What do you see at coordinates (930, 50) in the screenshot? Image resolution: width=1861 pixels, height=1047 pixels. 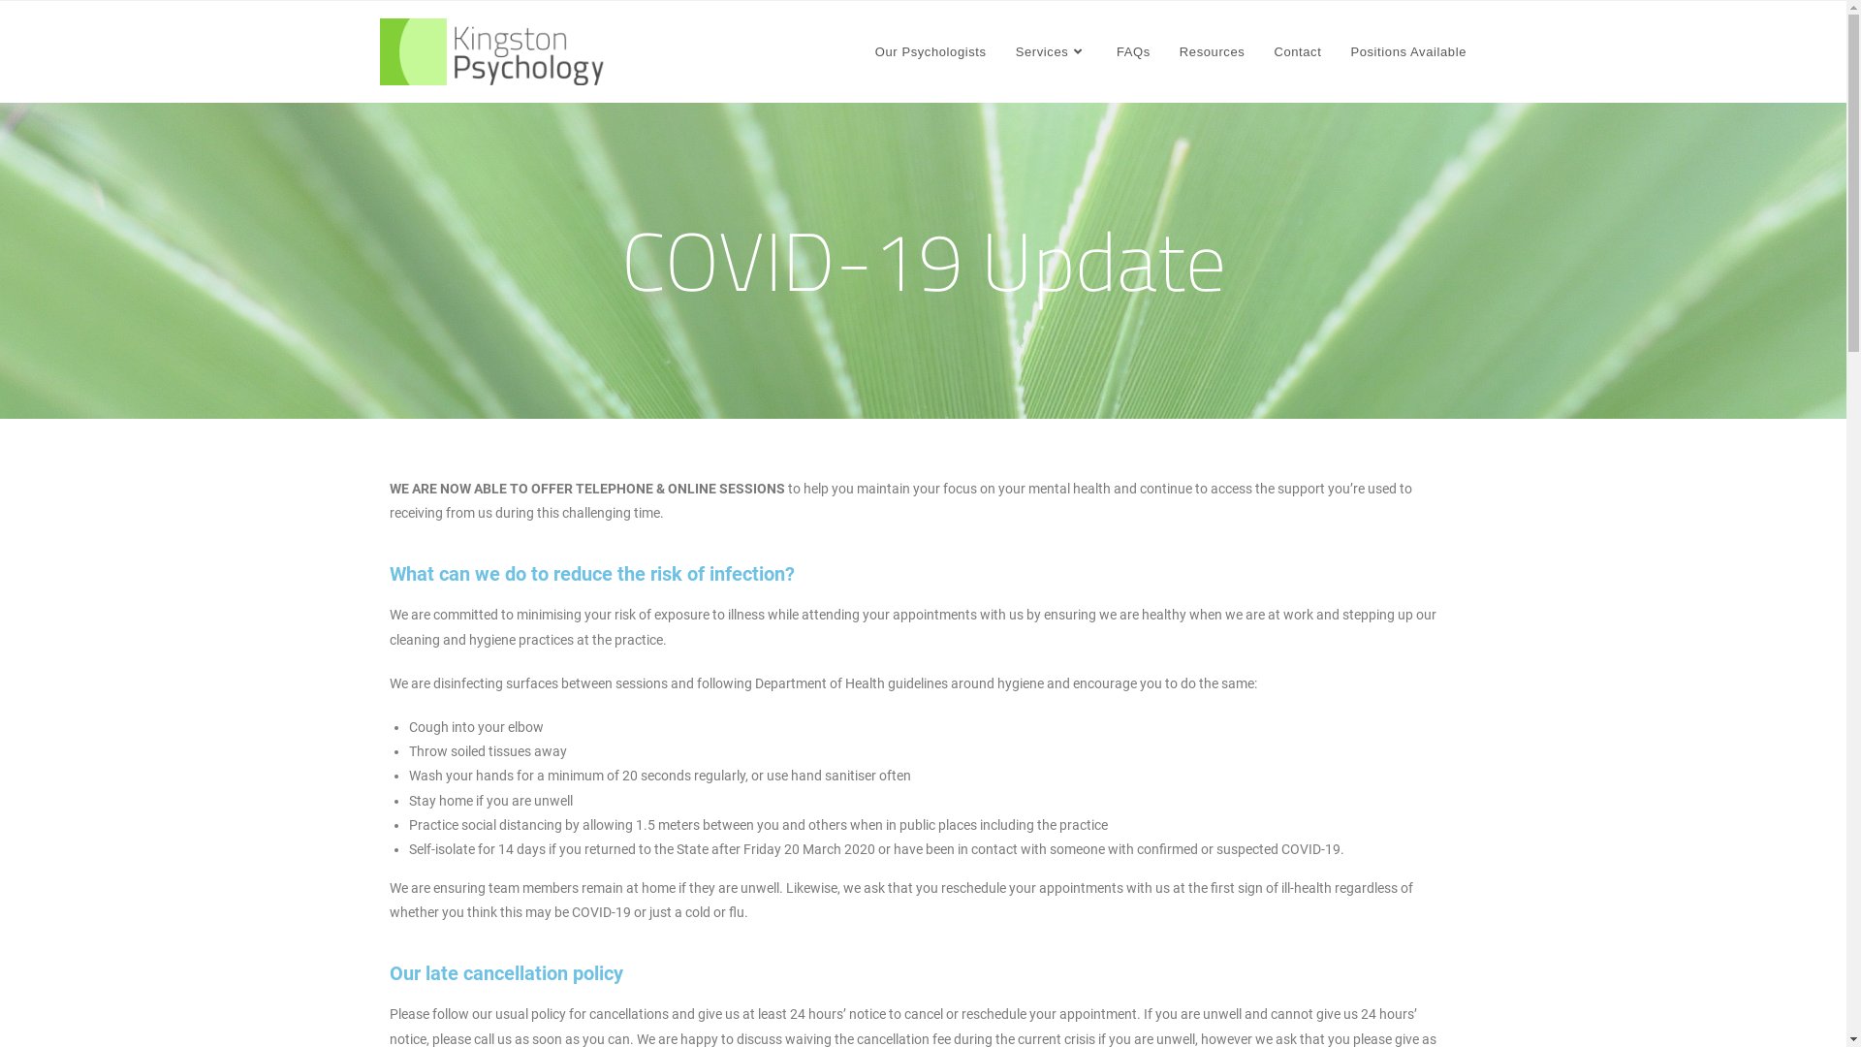 I see `'Our Psychologists'` at bounding box center [930, 50].